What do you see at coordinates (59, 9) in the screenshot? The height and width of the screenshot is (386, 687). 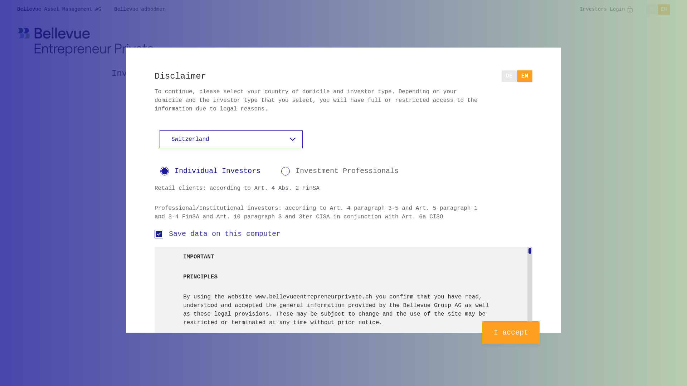 I see `'Bellevue Asset Management AG'` at bounding box center [59, 9].